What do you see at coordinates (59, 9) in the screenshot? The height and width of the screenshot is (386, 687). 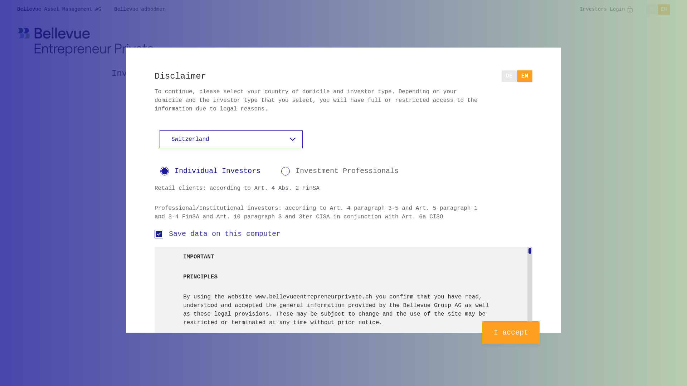 I see `'Bellevue Asset Management AG'` at bounding box center [59, 9].